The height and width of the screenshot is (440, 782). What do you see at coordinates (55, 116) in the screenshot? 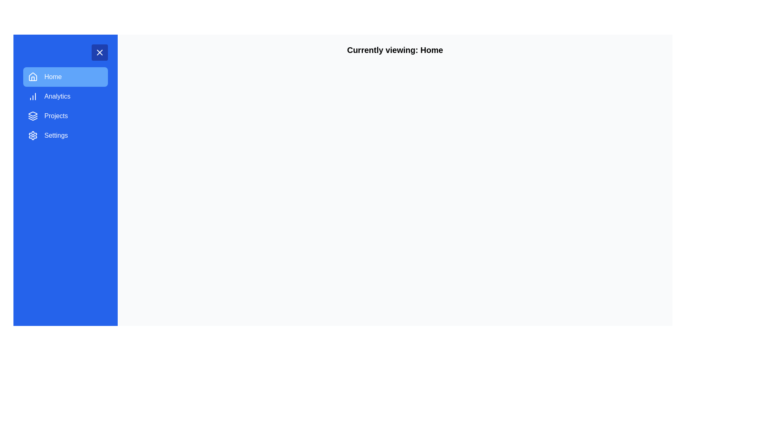
I see `the 'Projects' button in the vertical menu list on the left side of the interface` at bounding box center [55, 116].